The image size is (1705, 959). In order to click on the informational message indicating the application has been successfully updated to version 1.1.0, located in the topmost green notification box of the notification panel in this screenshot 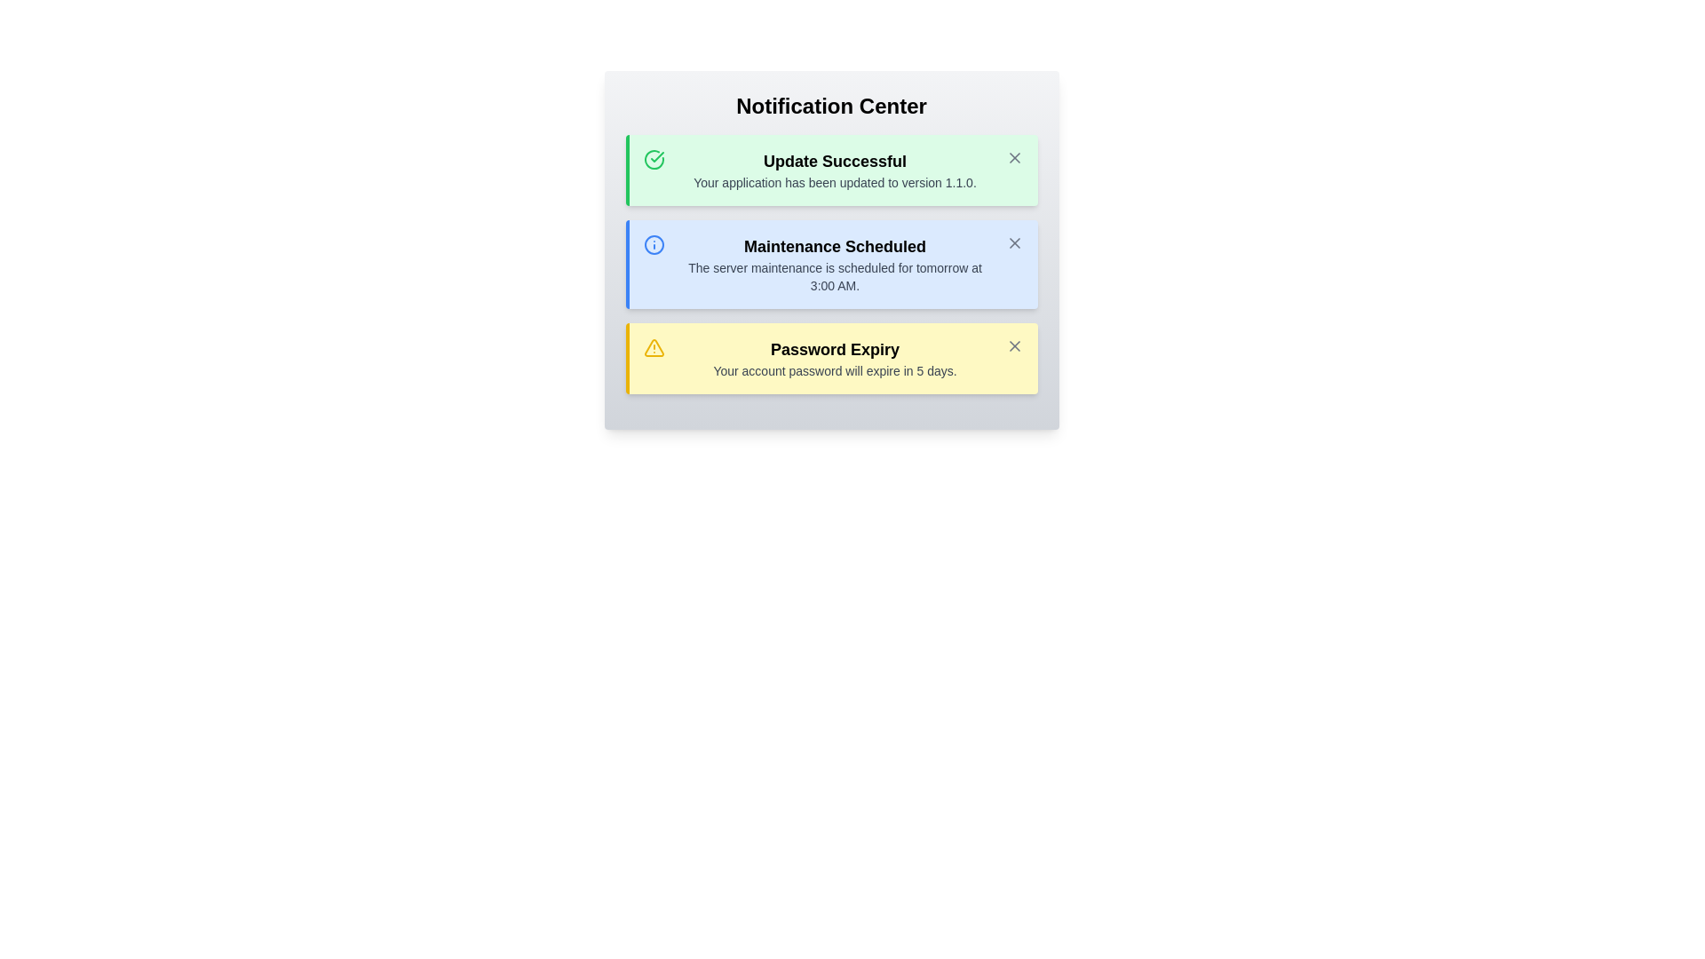, I will do `click(834, 170)`.